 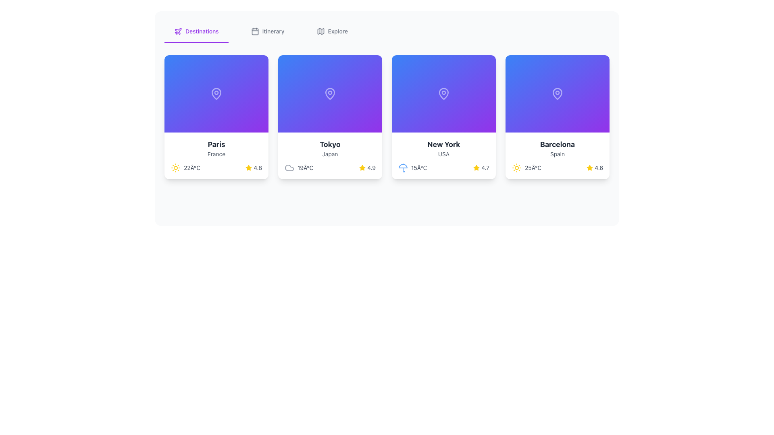 I want to click on the map pin icon located in the top section of the second card titled 'Tokyo, Japan' under the 'Destinations' tab, so click(x=330, y=93).